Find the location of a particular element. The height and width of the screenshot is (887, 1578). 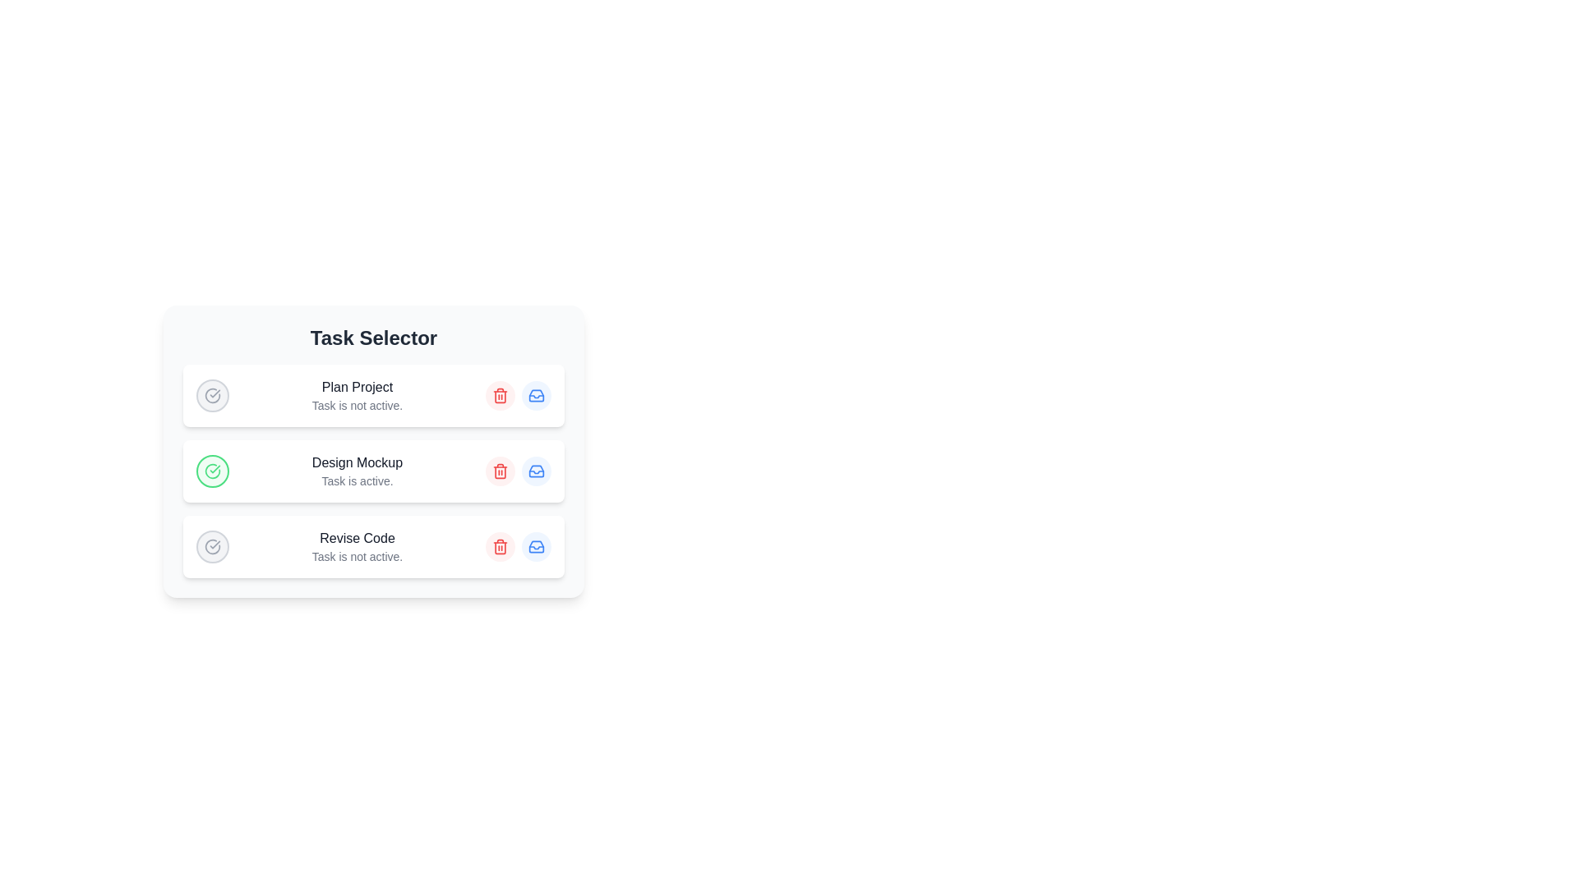

the text label displaying 'Design Mockup' and 'Task is active', which is the second item in the vertical list of tasks is located at coordinates (357, 471).